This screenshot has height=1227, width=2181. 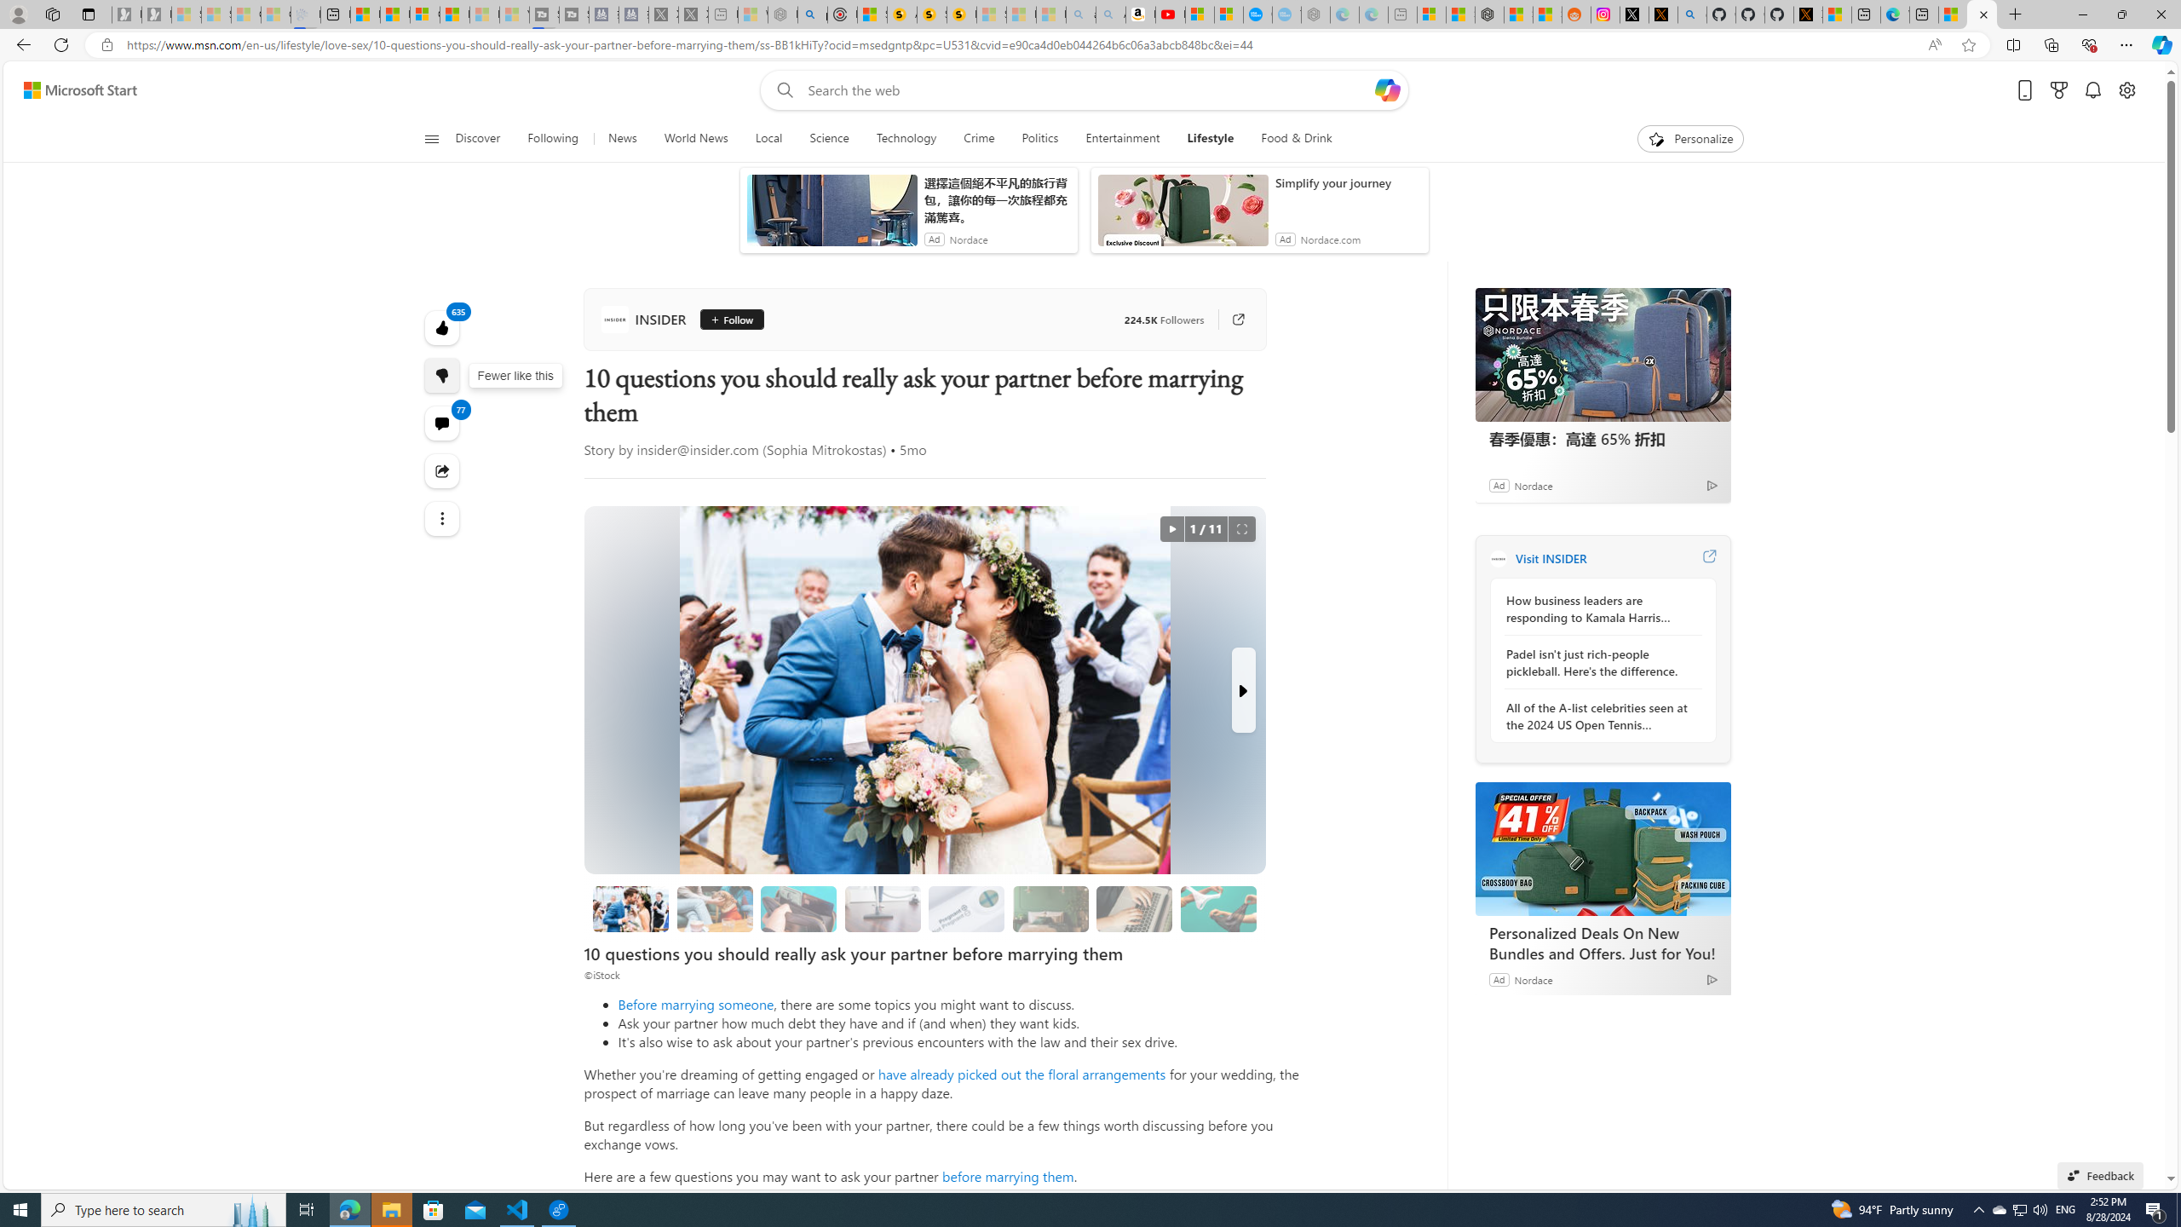 I want to click on 'More like this635Fewer like thisFewer like thisView comments', so click(x=441, y=375).